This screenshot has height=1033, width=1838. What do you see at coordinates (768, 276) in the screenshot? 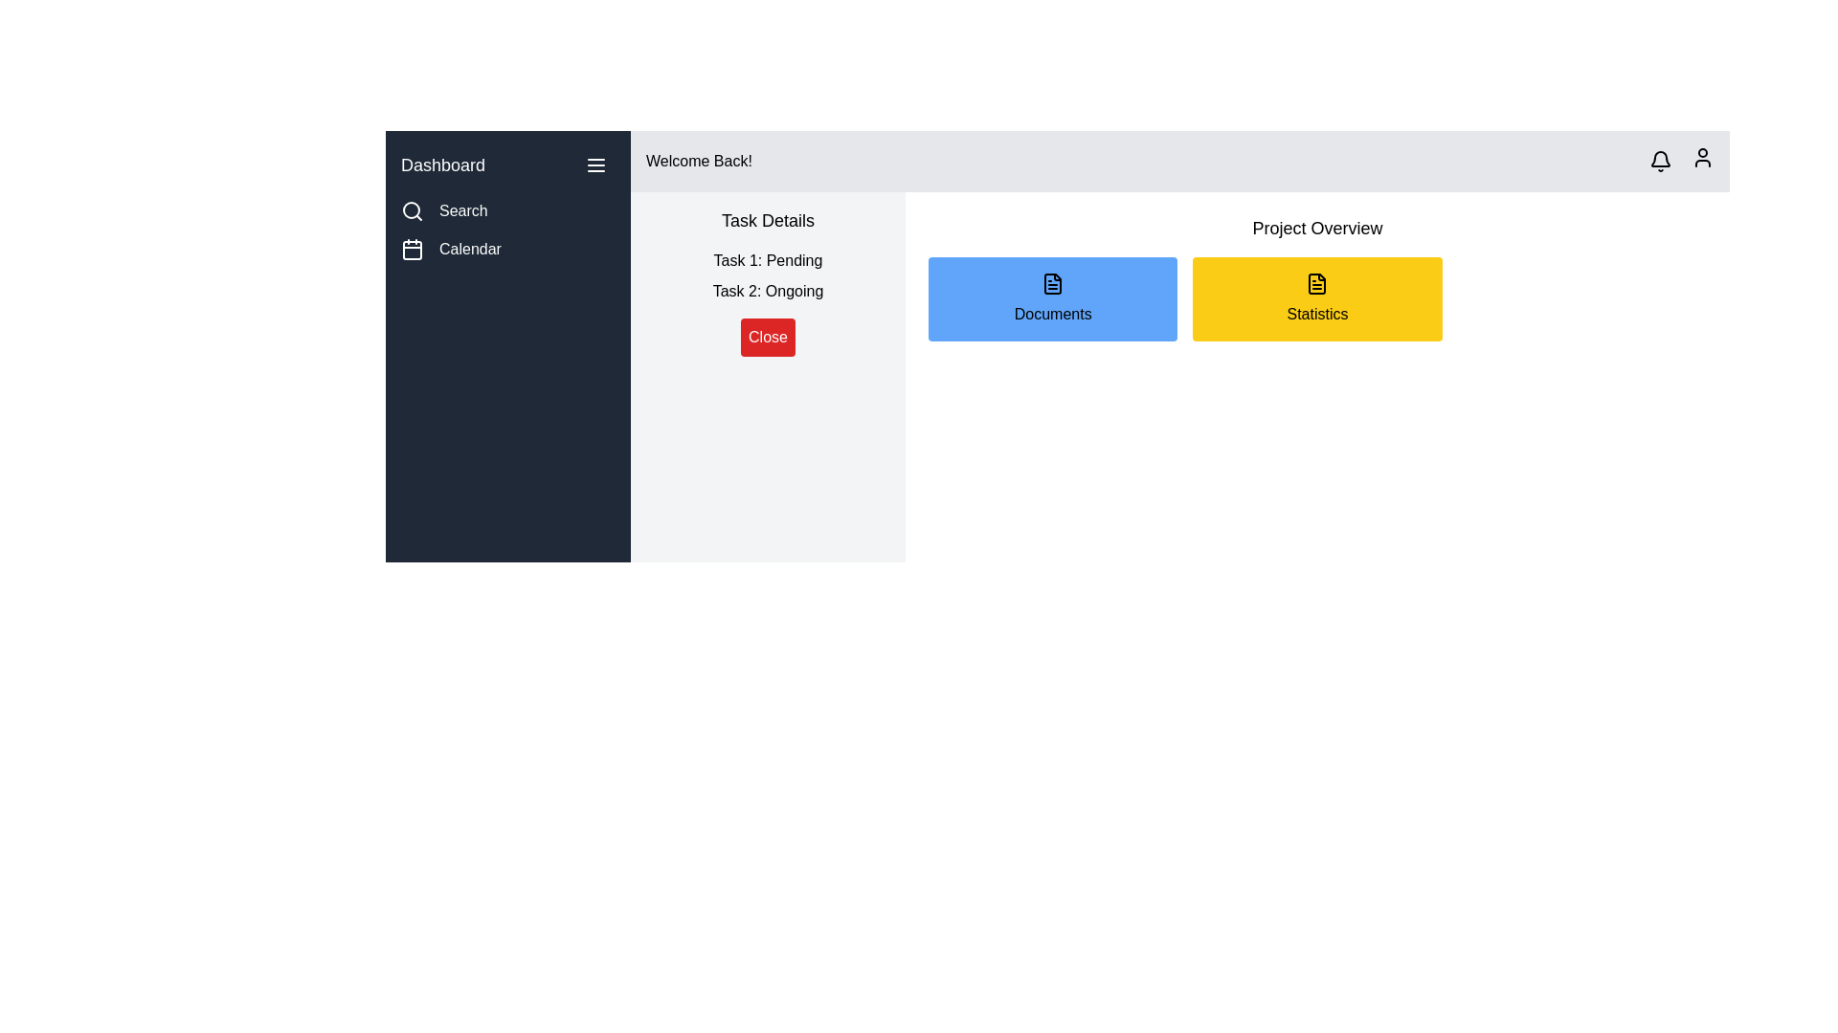
I see `text content from the Text block located below the 'Task Details' header in the left panel, just above the red 'Close' button` at bounding box center [768, 276].